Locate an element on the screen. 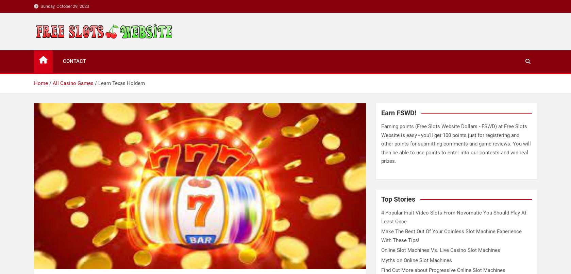 This screenshot has width=571, height=274. 'Play all the best free online slot machine games at Free Slots Website' is located at coordinates (34, 66).